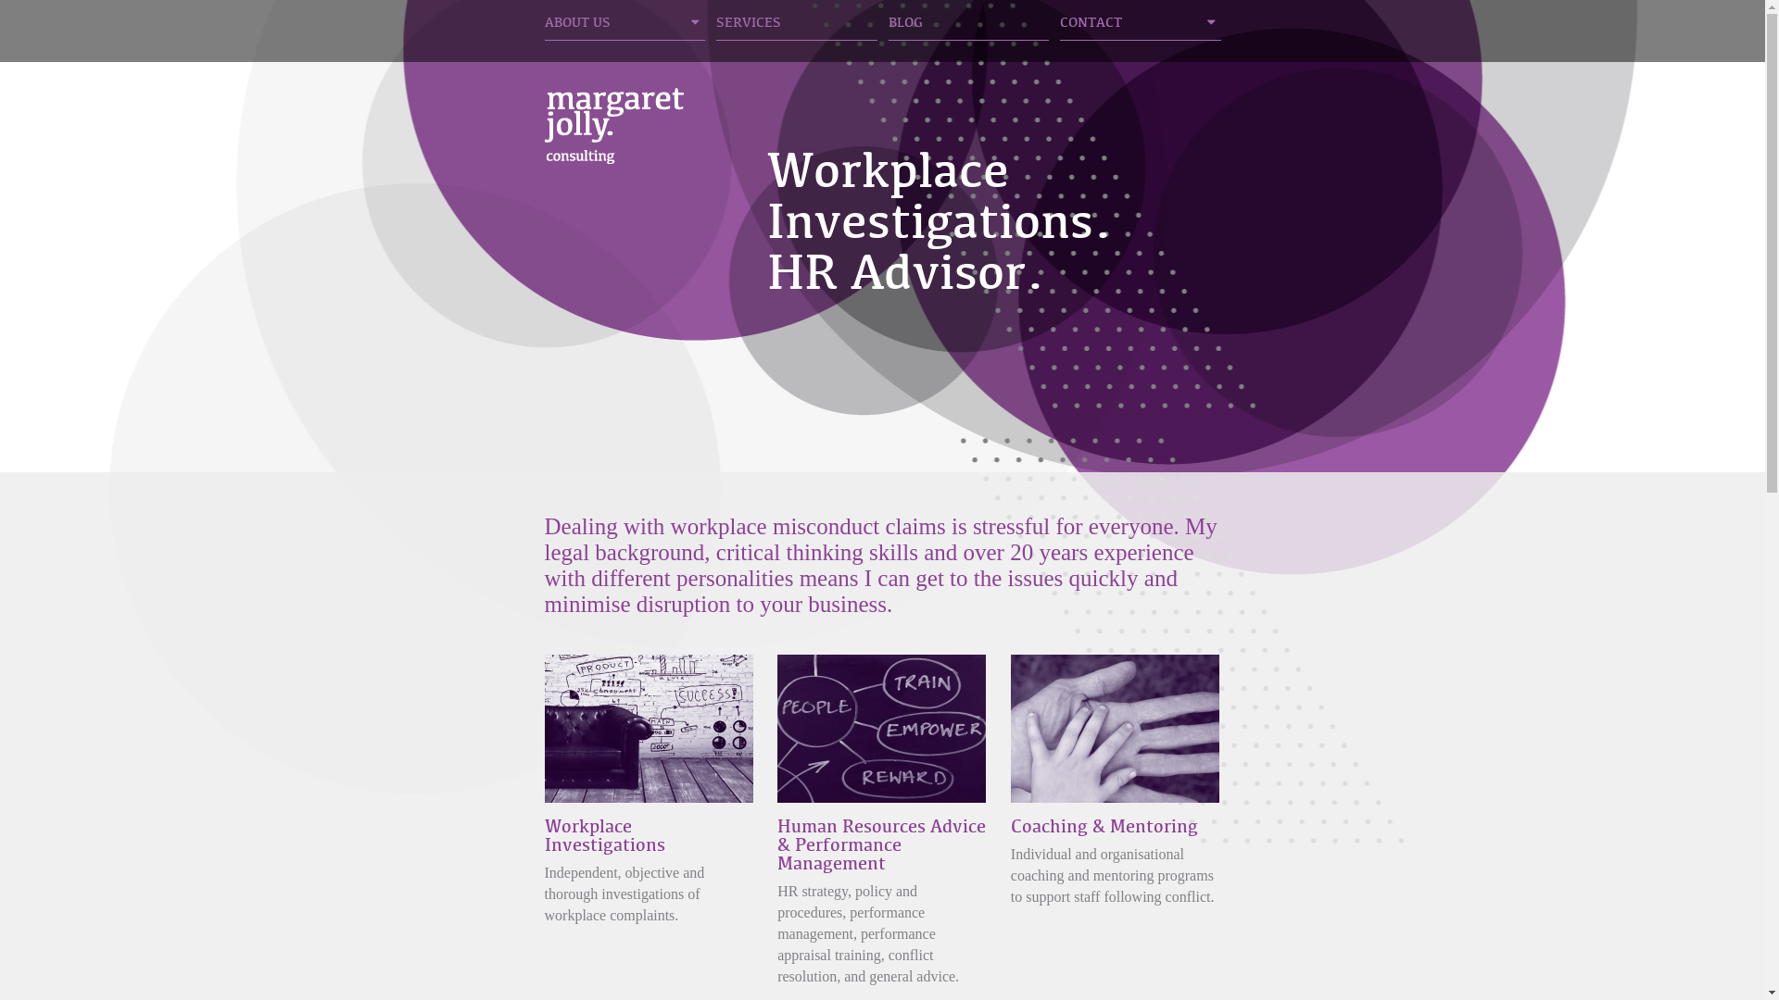 This screenshot has width=1779, height=1000. Describe the element at coordinates (625, 27) in the screenshot. I see `'ABOUT US'` at that location.